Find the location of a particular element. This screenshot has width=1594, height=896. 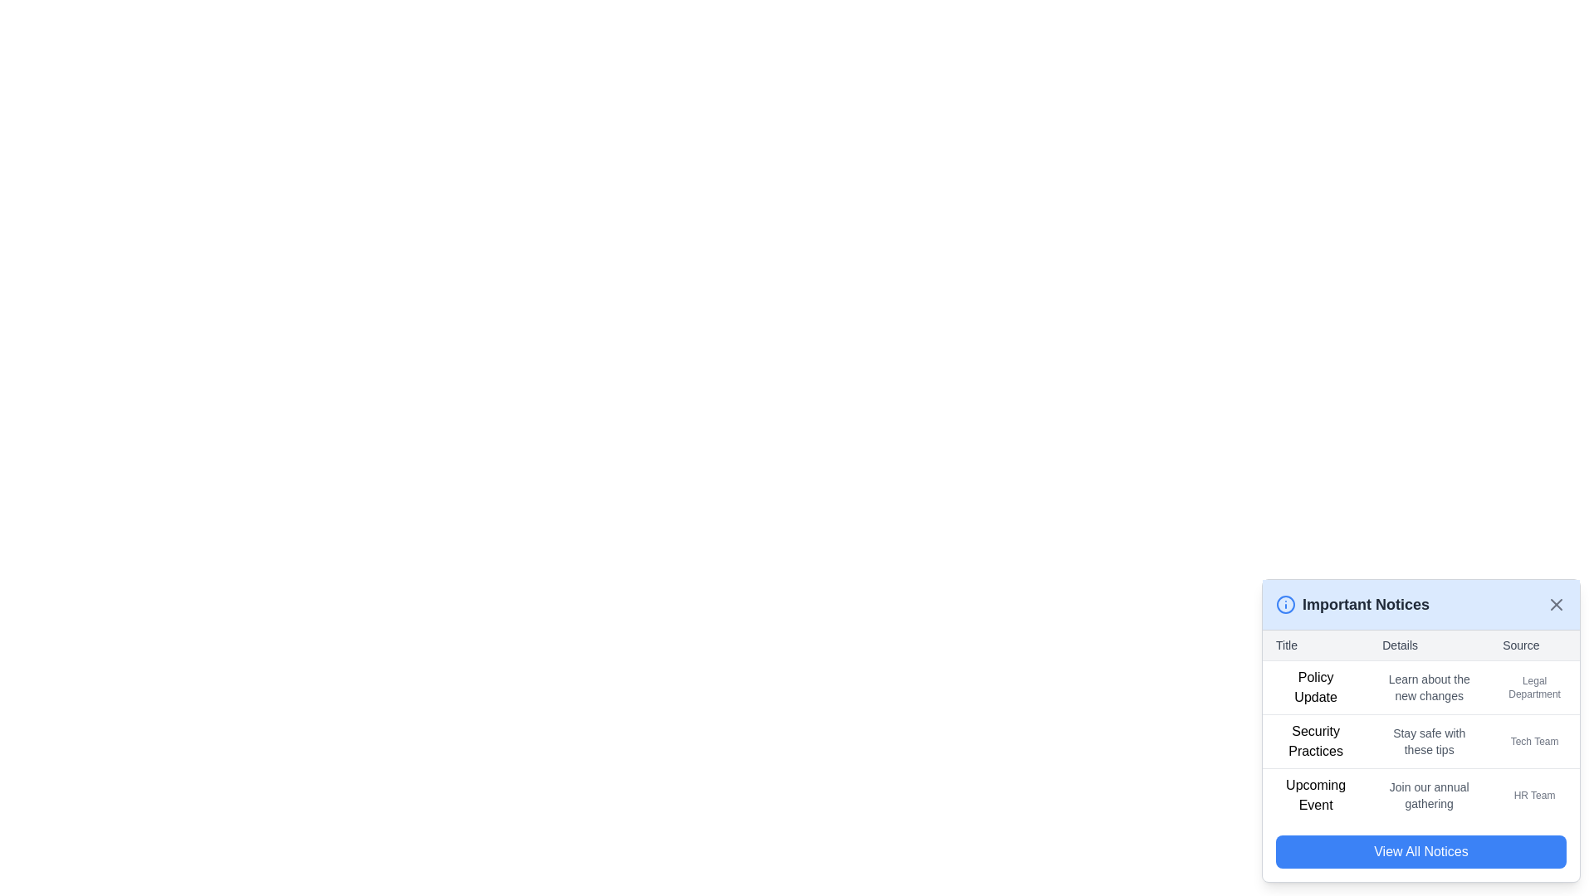

the Text Label displaying 'Stay safe with these tips' in gray font, located in the middle cell of the 'Security Practices' row in the 'Details' column is located at coordinates (1428, 741).